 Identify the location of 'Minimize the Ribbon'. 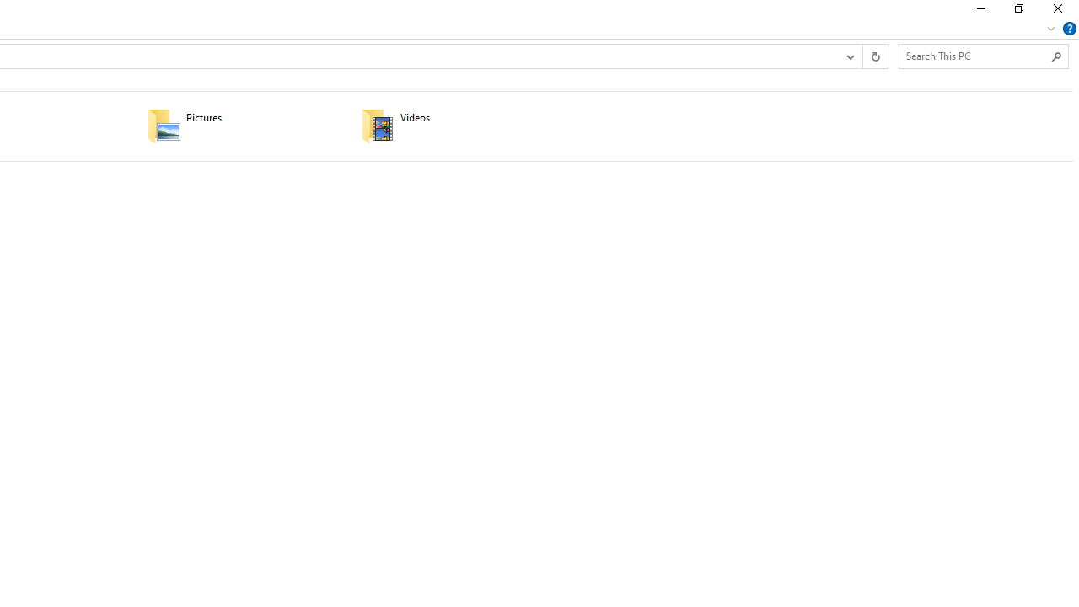
(1050, 28).